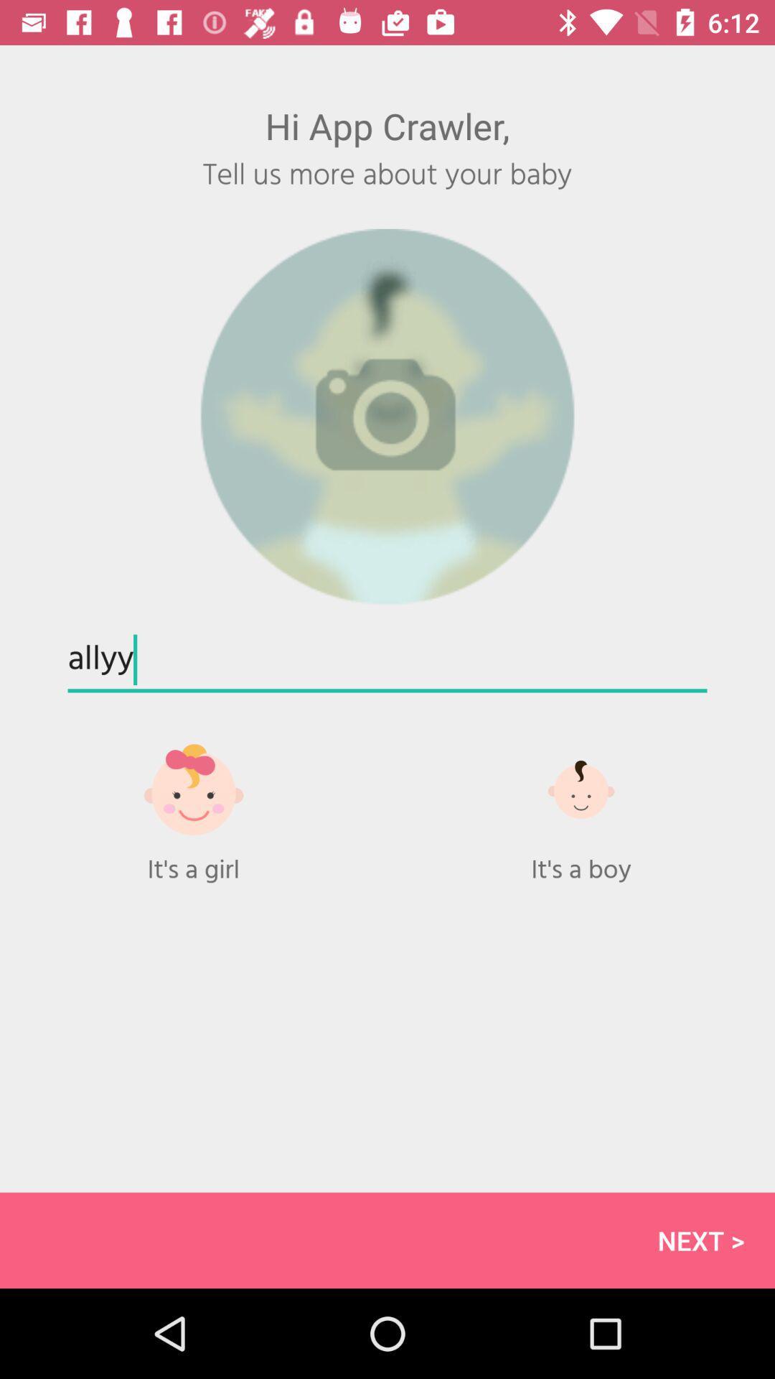 This screenshot has width=775, height=1379. I want to click on allyy at the center, so click(387, 659).